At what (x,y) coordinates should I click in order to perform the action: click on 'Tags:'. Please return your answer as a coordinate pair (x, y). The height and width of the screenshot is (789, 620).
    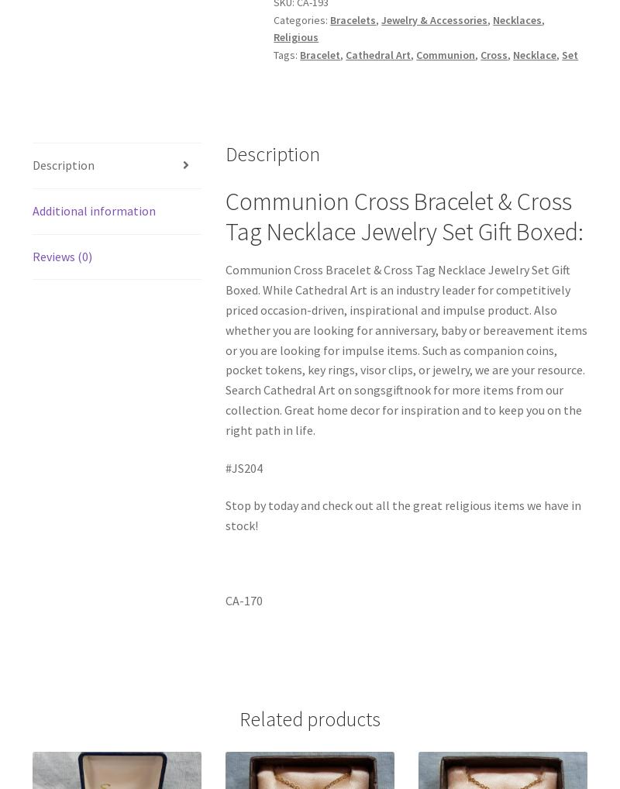
    Looking at the image, I should click on (286, 54).